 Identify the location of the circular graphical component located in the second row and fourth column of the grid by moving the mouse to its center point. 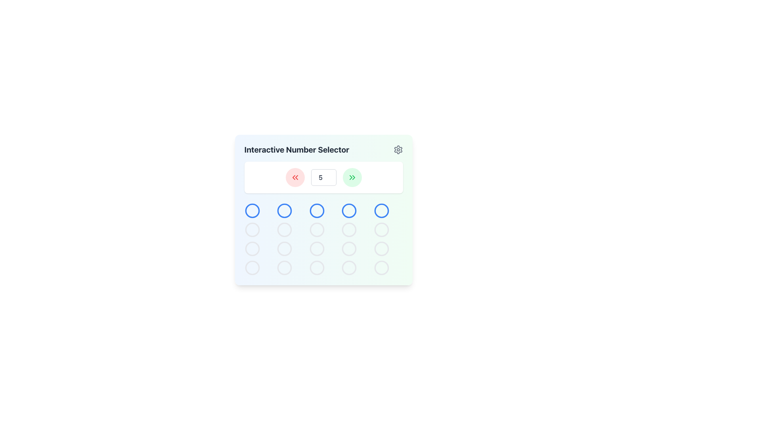
(349, 210).